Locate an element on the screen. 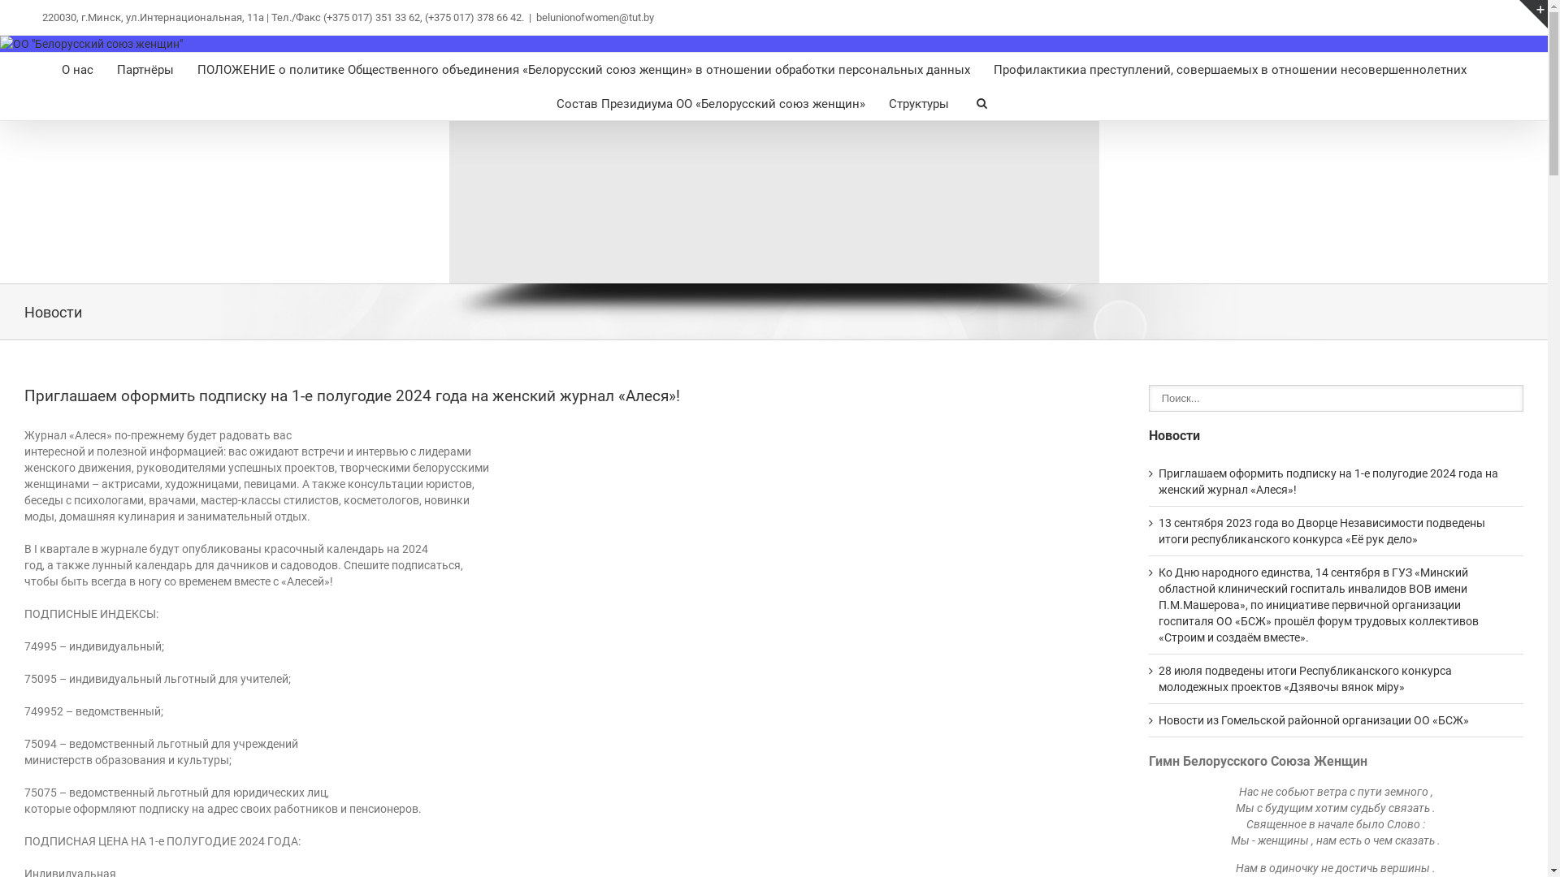 This screenshot has height=877, width=1560. 'belunionofwomen@tut.by' is located at coordinates (594, 17).